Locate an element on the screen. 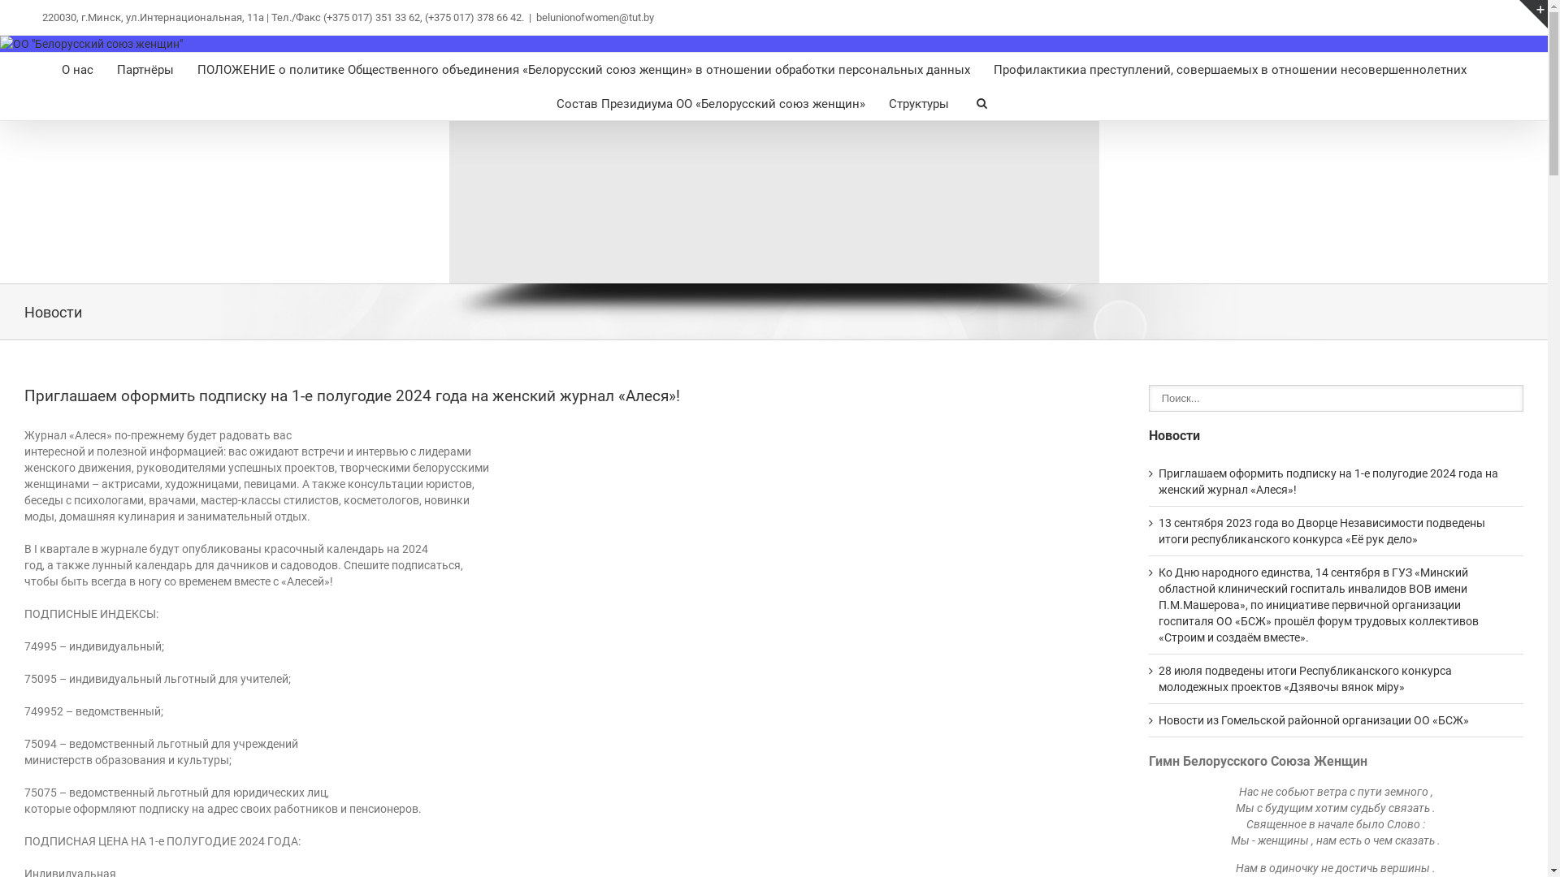 This screenshot has height=877, width=1560. 'belunionofwomen@tut.by' is located at coordinates (594, 17).